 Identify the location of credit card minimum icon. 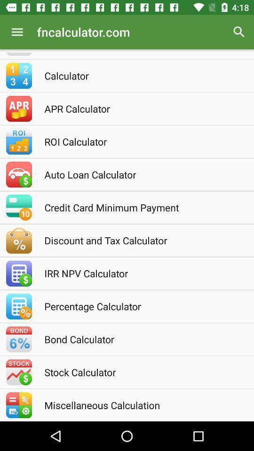
(139, 207).